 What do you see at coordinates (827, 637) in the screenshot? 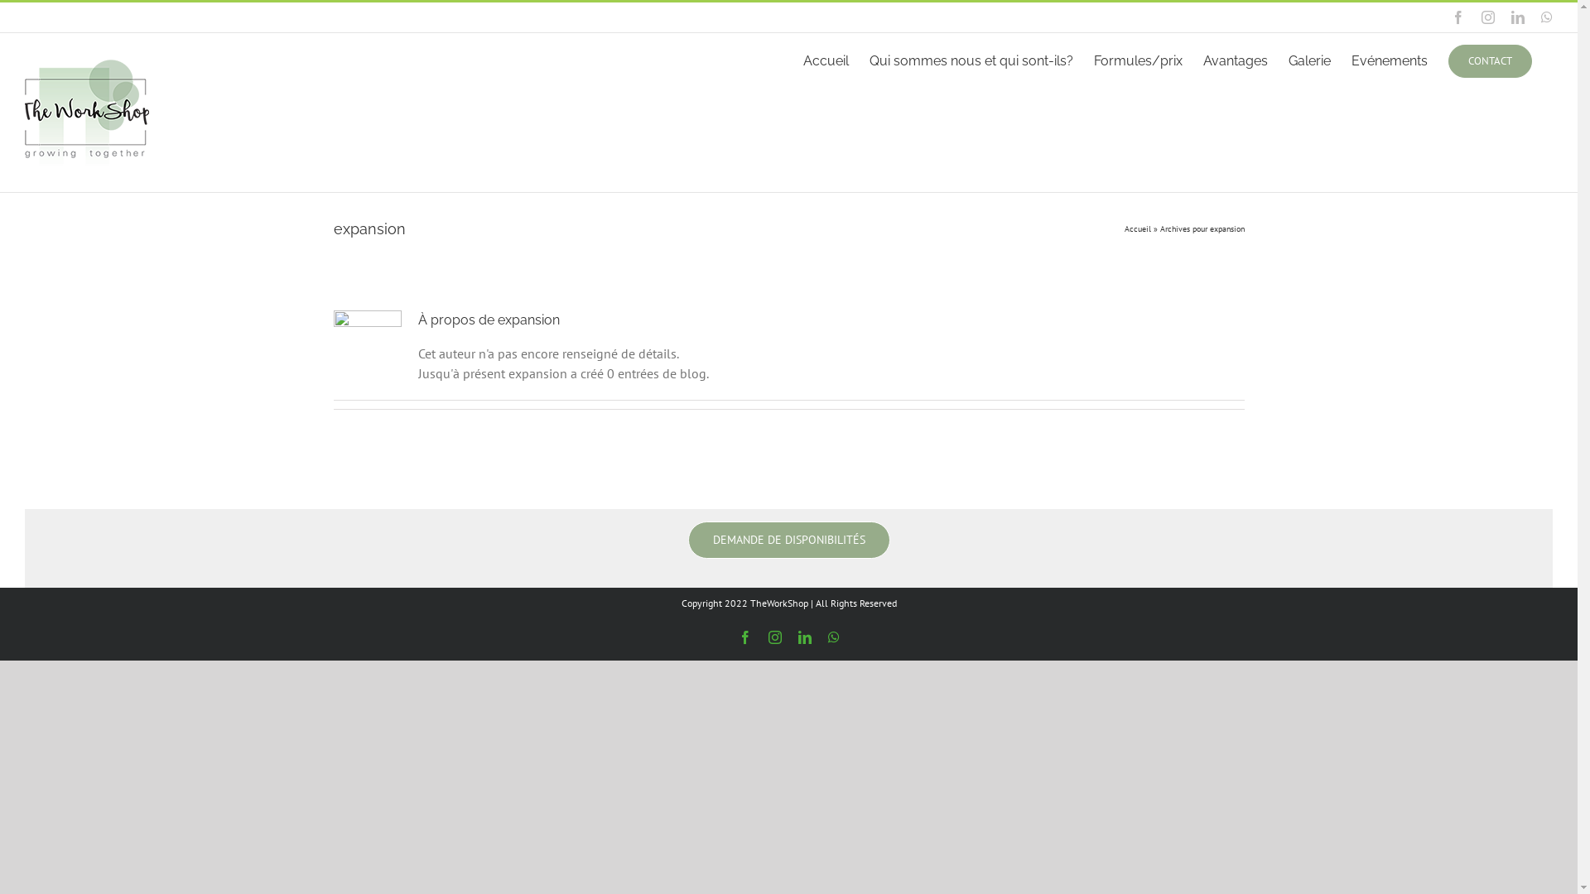
I see `'WhatsApp'` at bounding box center [827, 637].